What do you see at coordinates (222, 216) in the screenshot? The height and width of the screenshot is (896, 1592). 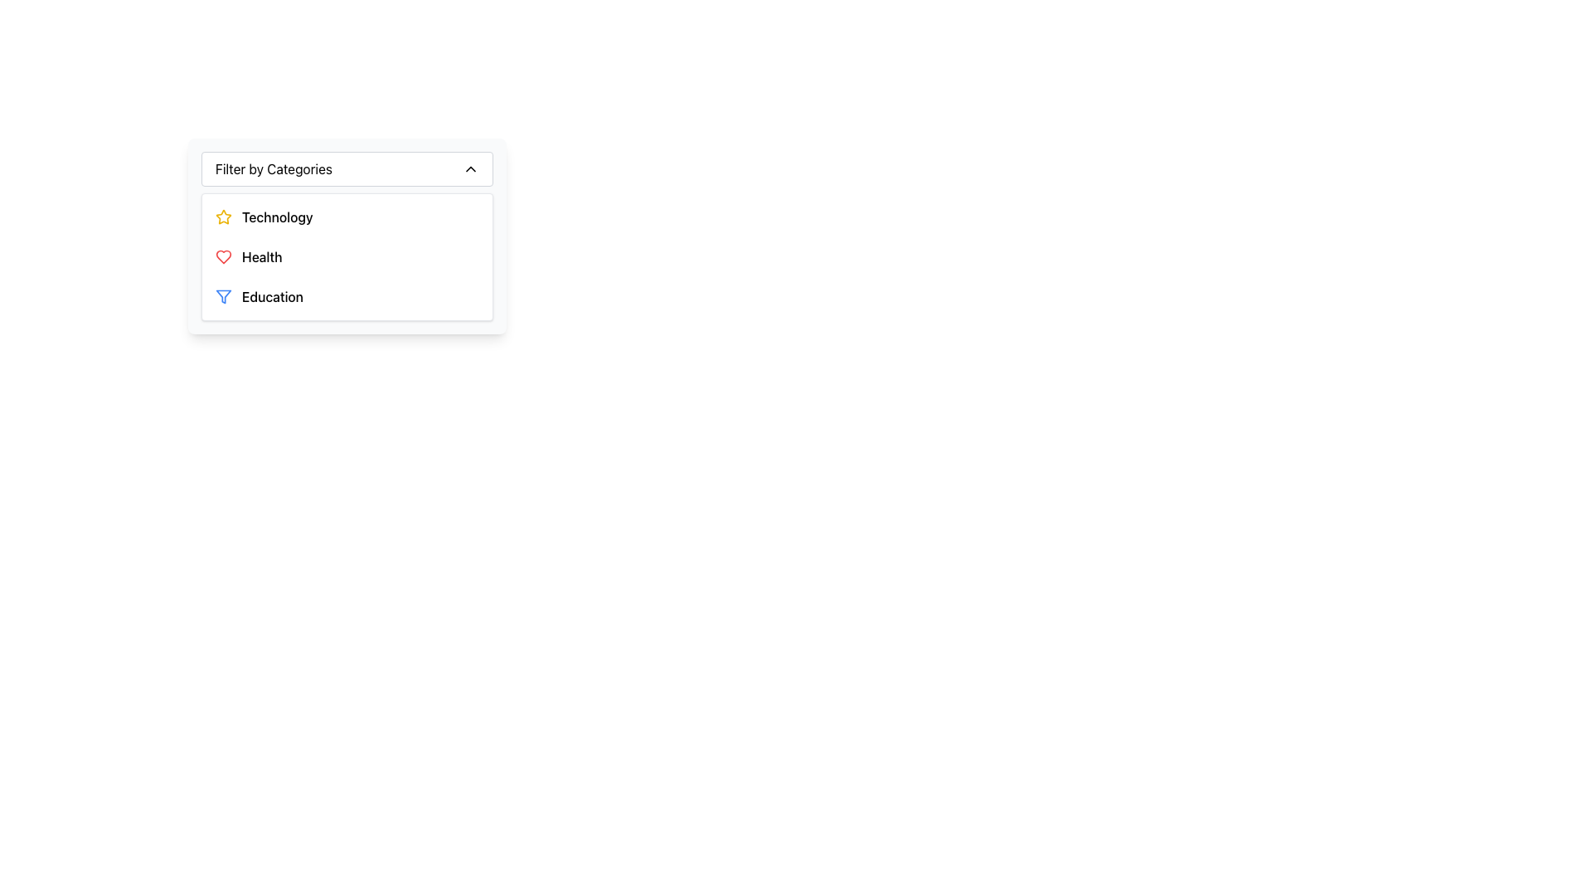 I see `the yellow star icon in the 'Filter by Categories' dropdown menu, positioned to the left of the 'Technology' category text` at bounding box center [222, 216].